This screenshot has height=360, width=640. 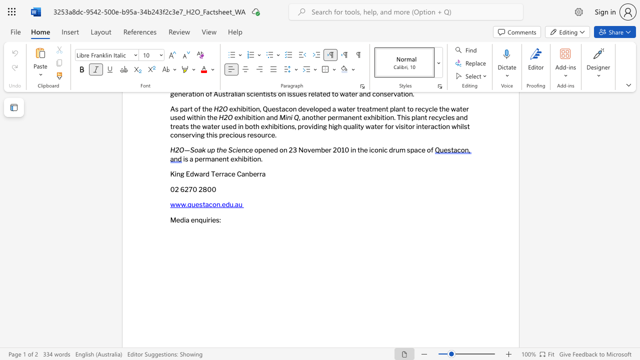 What do you see at coordinates (198, 219) in the screenshot?
I see `the space between the continuous character "n" and "q" in the text` at bounding box center [198, 219].